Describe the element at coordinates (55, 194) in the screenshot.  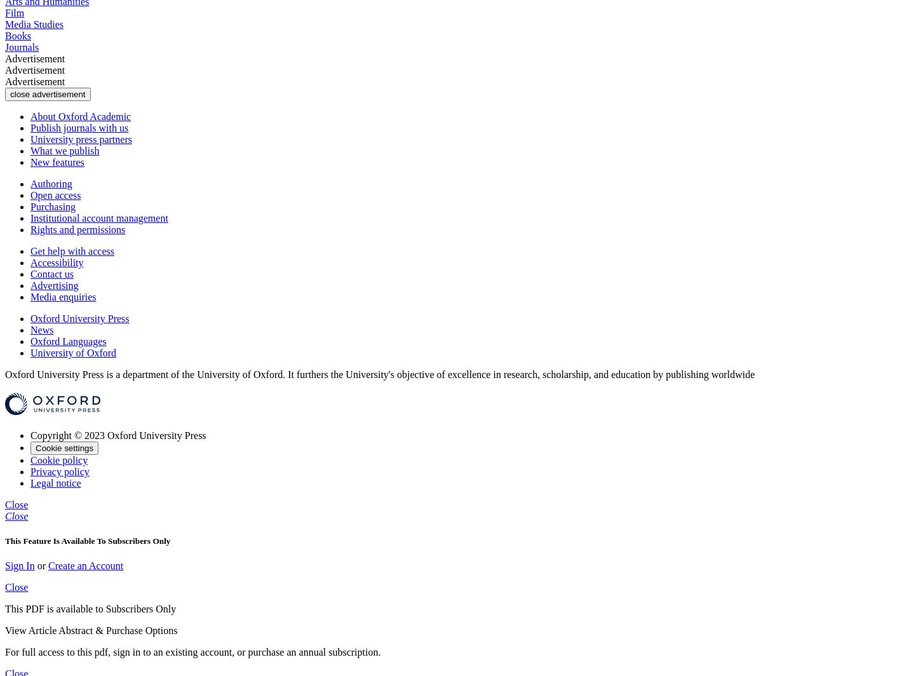
I see `'Open access'` at that location.